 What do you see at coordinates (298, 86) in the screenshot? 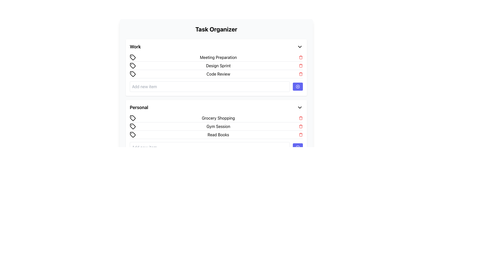
I see `the blue button containing the icon for adding a new task in the 'Work' section` at bounding box center [298, 86].